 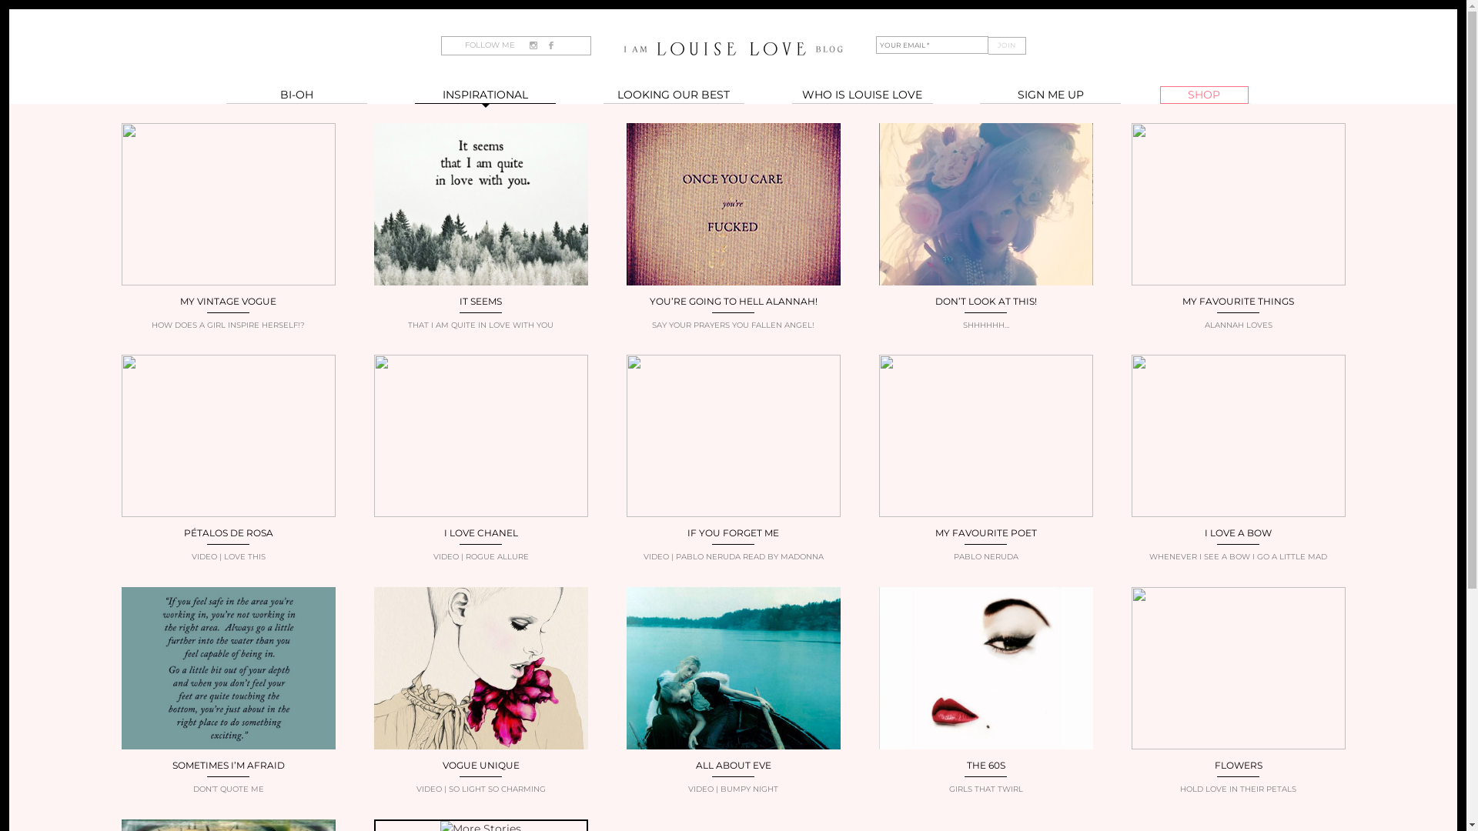 What do you see at coordinates (228, 324) in the screenshot?
I see `'HOW DOES A GIRL INSPIRE HERSELF!?'` at bounding box center [228, 324].